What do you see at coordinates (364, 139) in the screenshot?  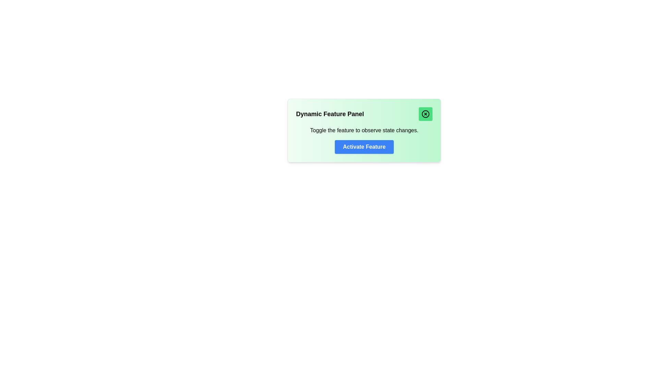 I see `text 'Toggle the feature to observe state changes.' from the composite UI component consisting of a text label and a button in the 'Dynamic Feature Panel'` at bounding box center [364, 139].